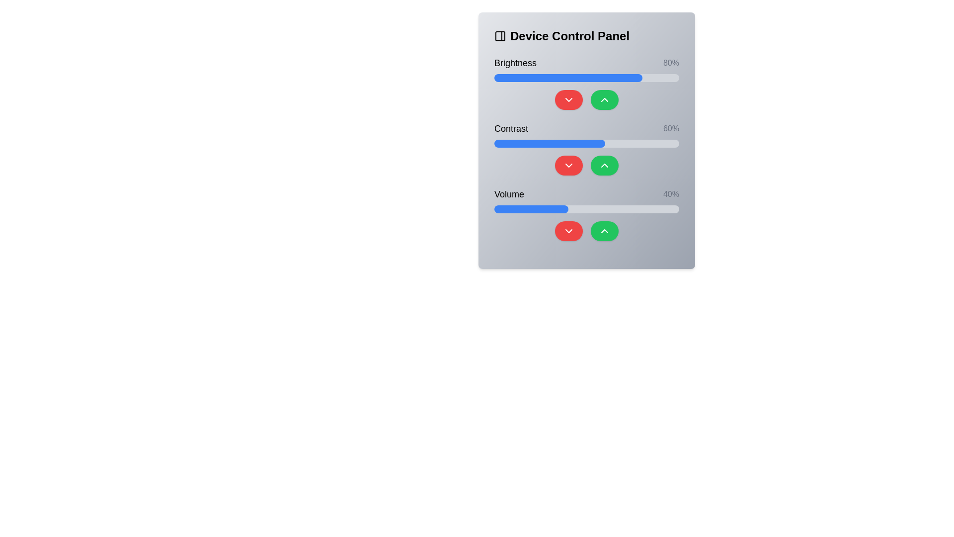 The image size is (954, 537). Describe the element at coordinates (511, 128) in the screenshot. I see `the Text Label indicating the 'Contrast' adjustment, located in the middle row of the control panel under the 'Brightness' section` at that location.